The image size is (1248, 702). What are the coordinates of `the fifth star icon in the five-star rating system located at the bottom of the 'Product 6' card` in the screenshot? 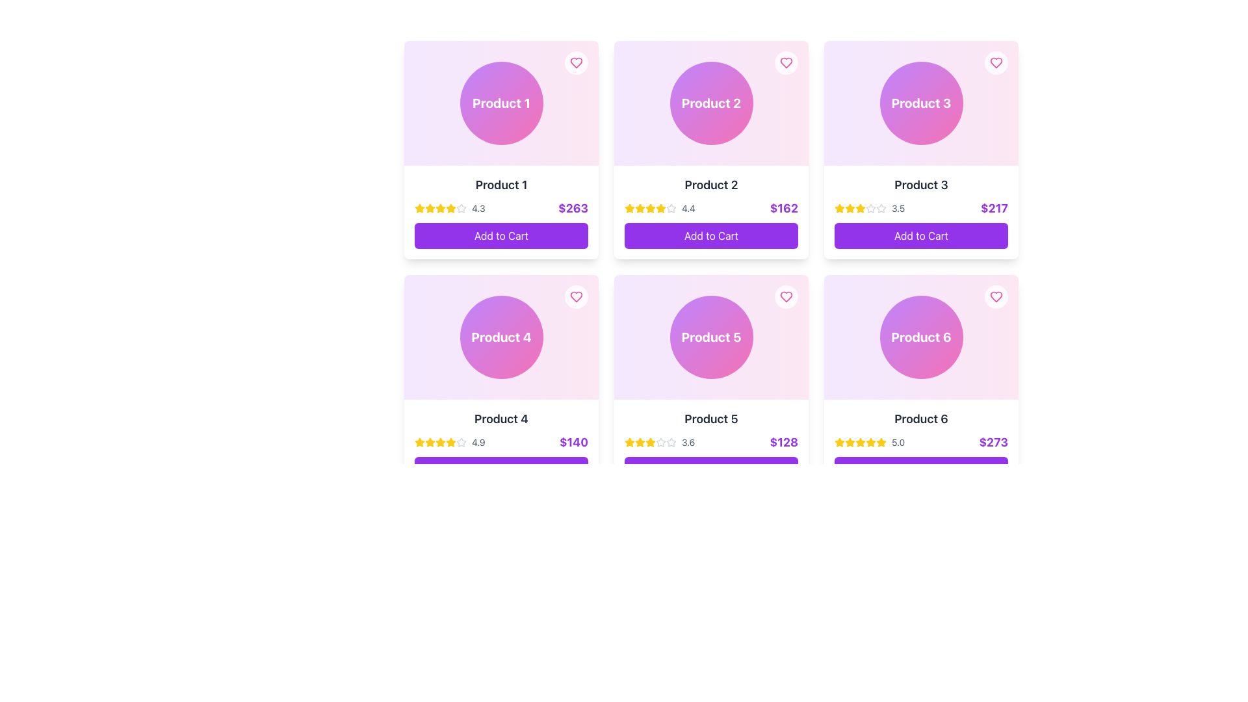 It's located at (870, 442).